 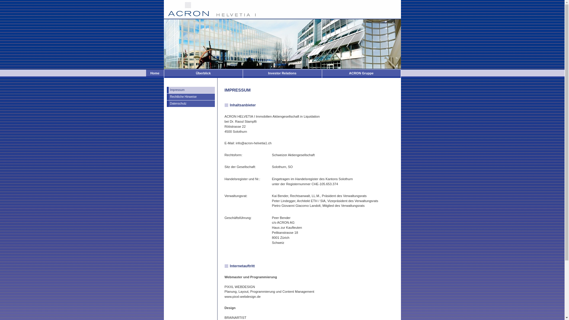 I want to click on 'ACRON Gruppe', so click(x=361, y=73).